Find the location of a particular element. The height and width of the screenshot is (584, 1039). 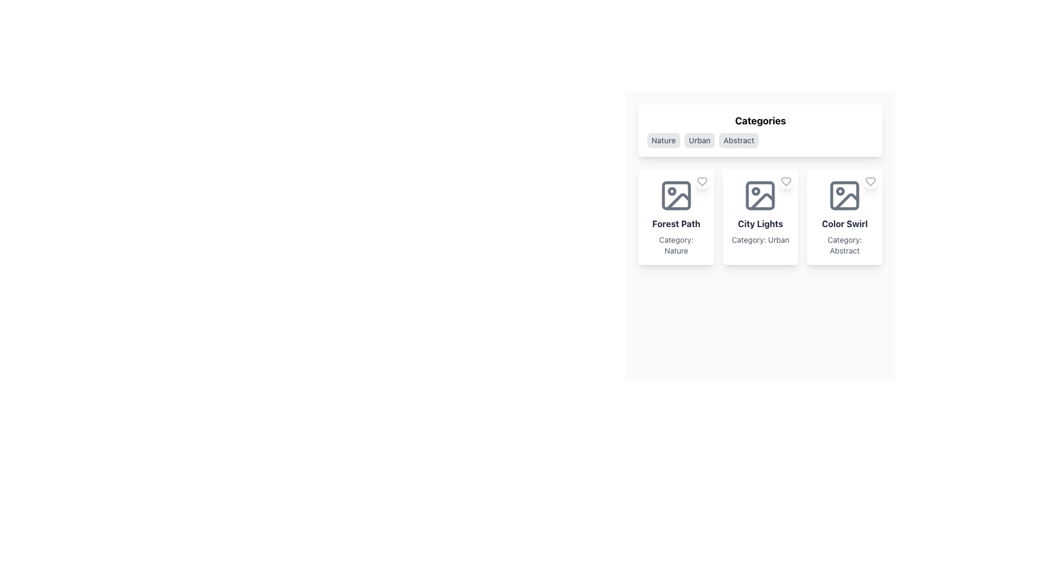

the heart icon located at the top-right corner of the 'Color Swirl' card is located at coordinates (870, 181).